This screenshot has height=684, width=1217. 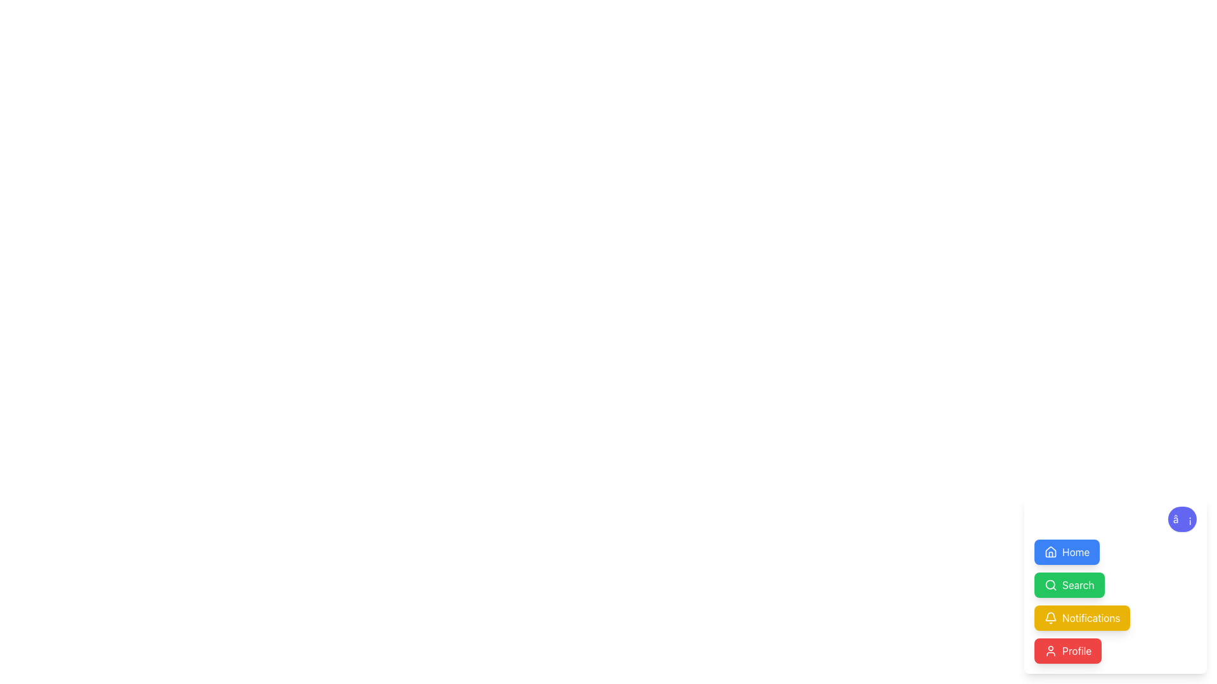 What do you see at coordinates (1081, 617) in the screenshot?
I see `the 'Notifications' button, which is a vibrant yellow rectangular button with rounded corners, featuring a bell icon on the left and the label 'Notifications' in white text on the right` at bounding box center [1081, 617].